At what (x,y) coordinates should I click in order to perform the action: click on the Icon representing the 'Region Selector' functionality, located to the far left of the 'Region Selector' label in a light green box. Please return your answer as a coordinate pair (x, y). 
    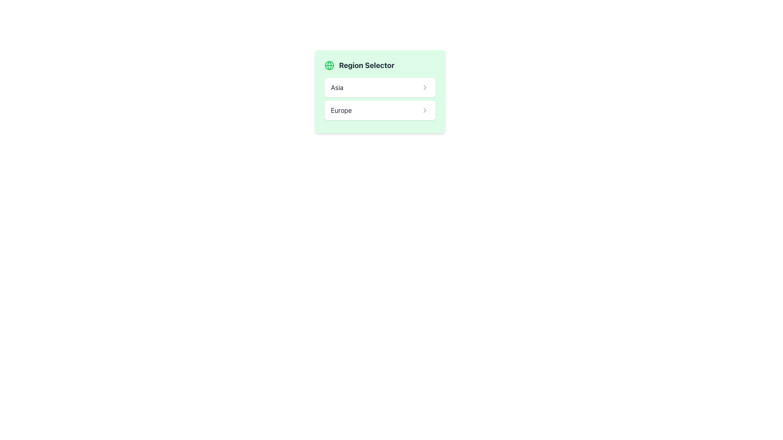
    Looking at the image, I should click on (329, 65).